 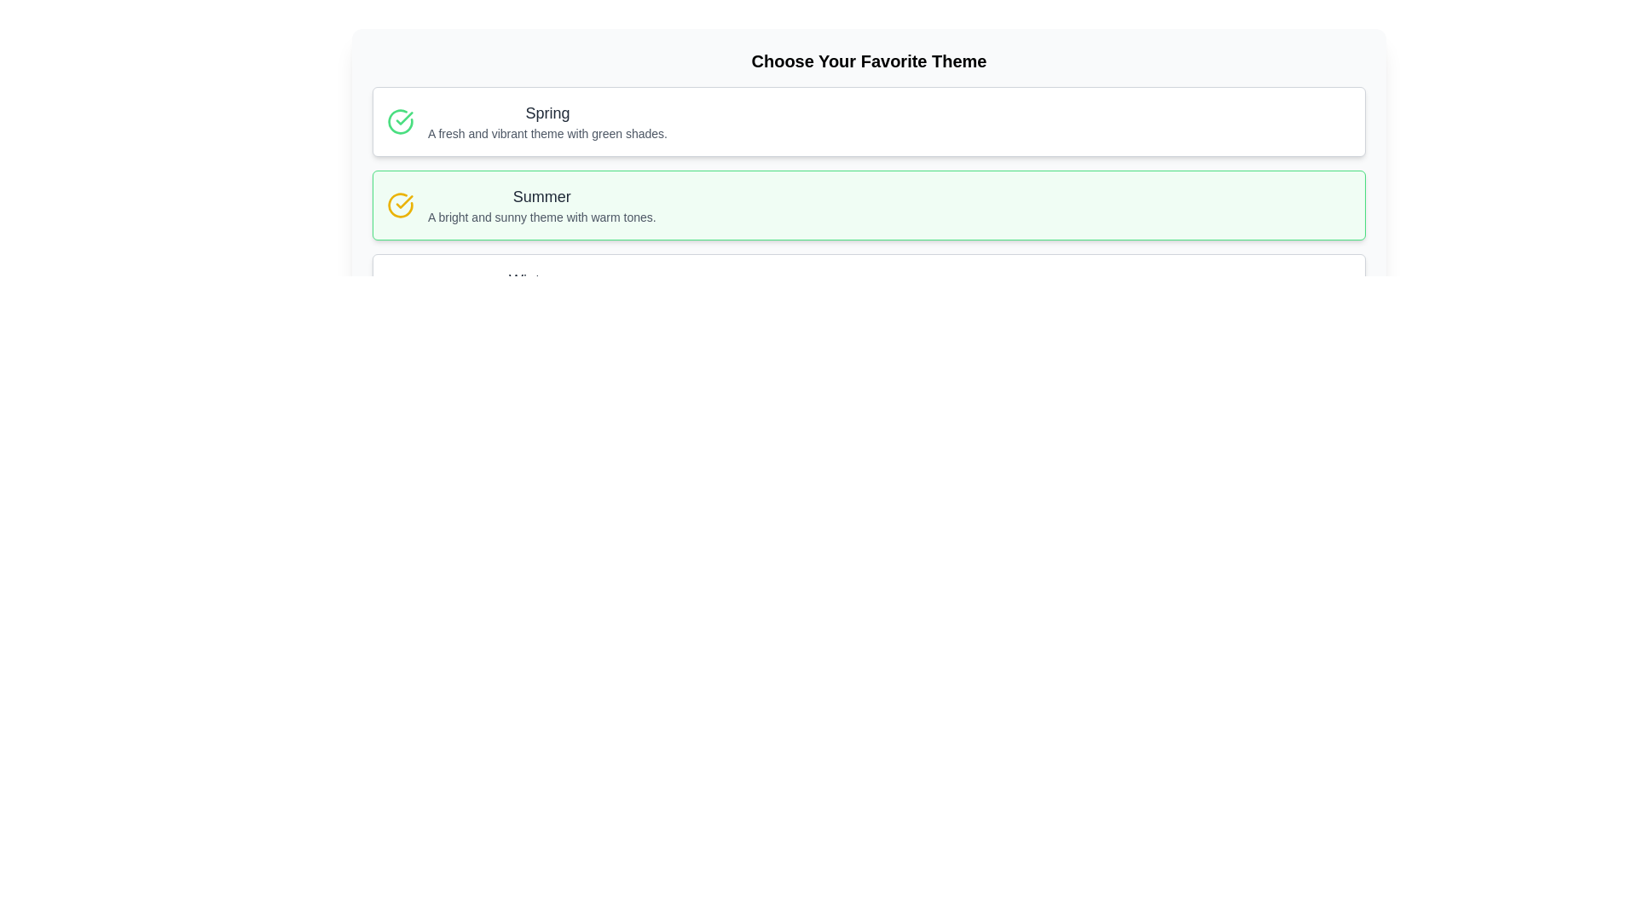 What do you see at coordinates (541, 204) in the screenshot?
I see `the text block containing the bold header 'Summer' and the description 'A bright and sunny theme with warm tones.' which is located in the second card of a vertically stacked list` at bounding box center [541, 204].